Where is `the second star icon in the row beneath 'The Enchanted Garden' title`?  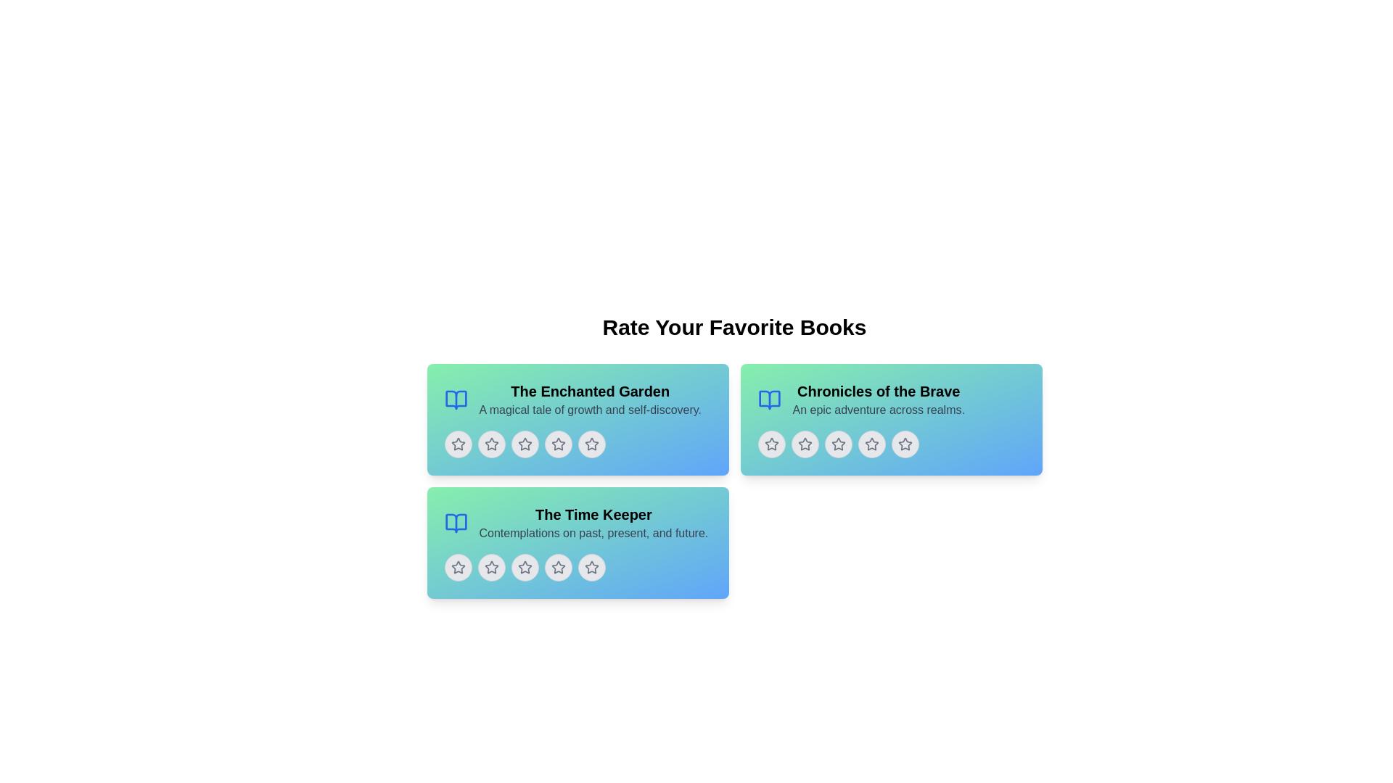 the second star icon in the row beneath 'The Enchanted Garden' title is located at coordinates (524, 443).